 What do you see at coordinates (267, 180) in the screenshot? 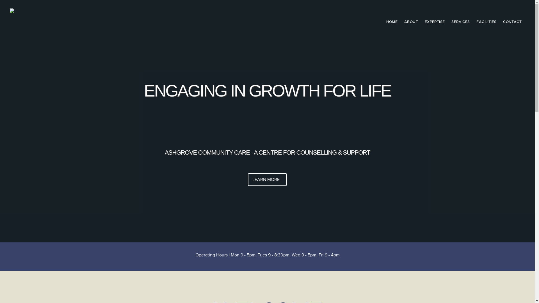
I see `'LEARN MORE'` at bounding box center [267, 180].